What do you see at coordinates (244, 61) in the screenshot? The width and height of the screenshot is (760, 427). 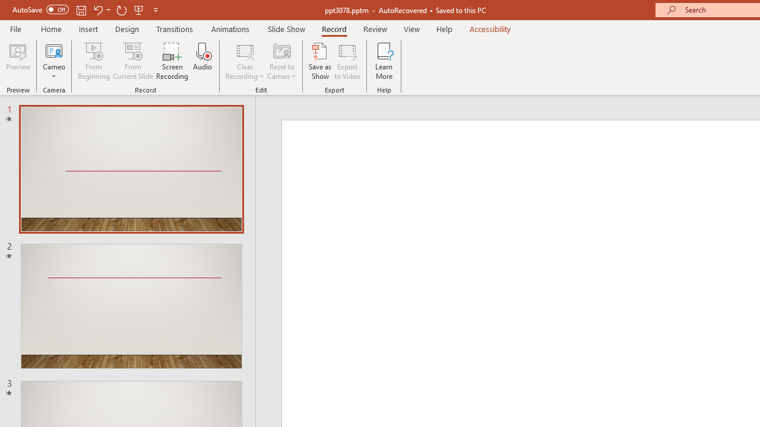 I see `'Clear Recording'` at bounding box center [244, 61].